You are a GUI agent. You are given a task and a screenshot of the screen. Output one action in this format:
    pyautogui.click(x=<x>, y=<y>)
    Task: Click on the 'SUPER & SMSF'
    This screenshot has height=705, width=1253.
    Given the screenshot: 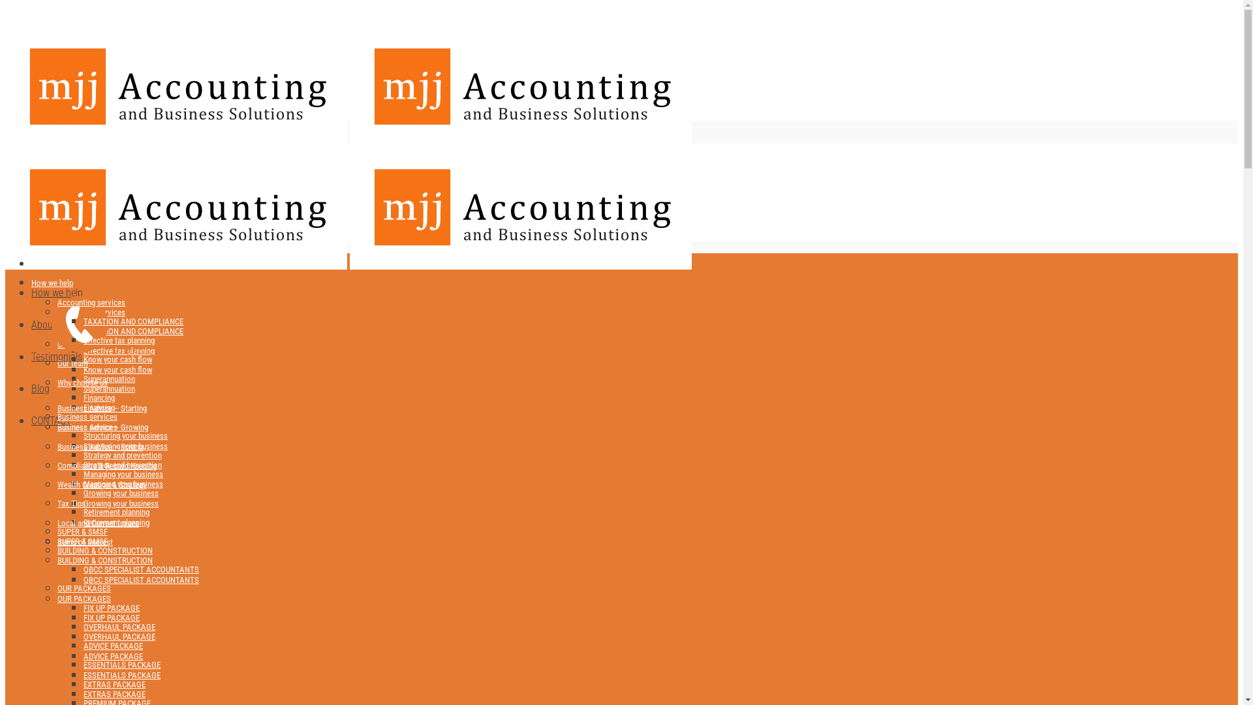 What is the action you would take?
    pyautogui.click(x=82, y=531)
    